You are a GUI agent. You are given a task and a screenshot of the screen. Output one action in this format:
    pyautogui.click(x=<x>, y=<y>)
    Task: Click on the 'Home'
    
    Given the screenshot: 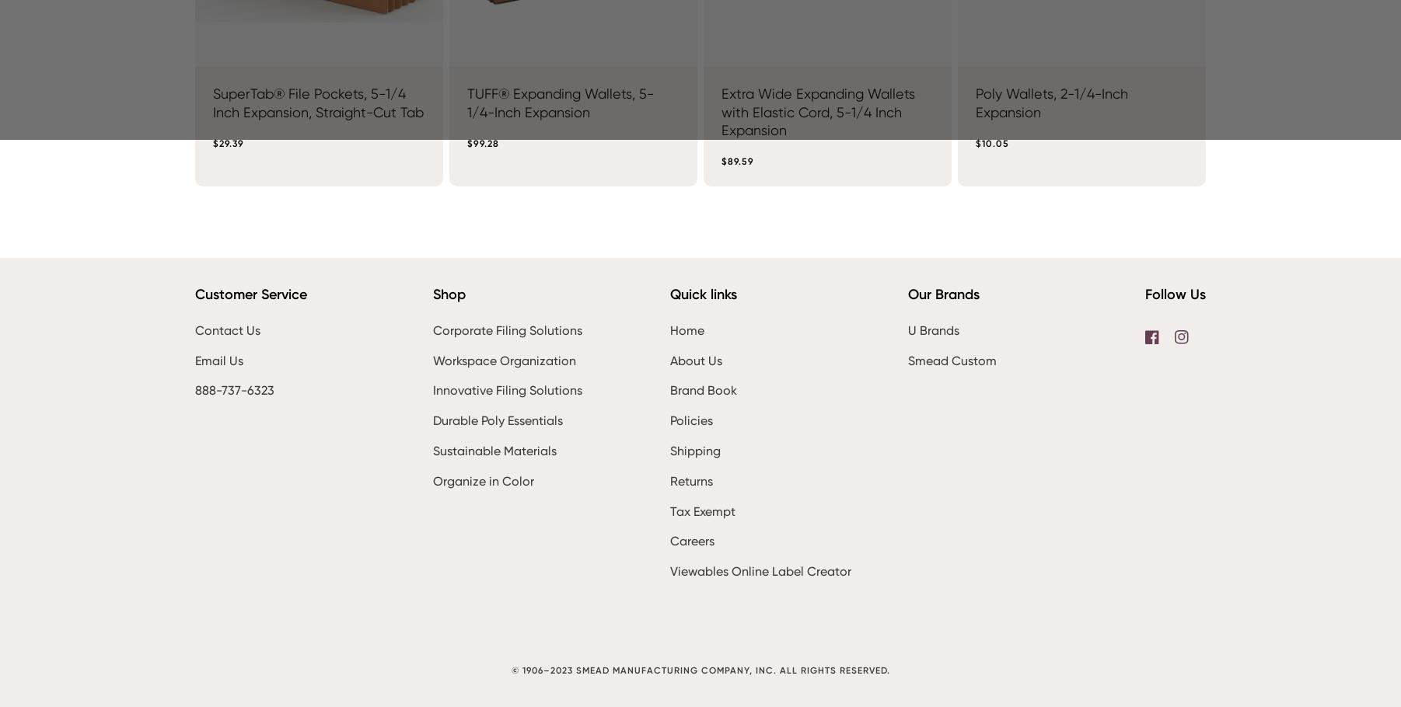 What is the action you would take?
    pyautogui.click(x=687, y=329)
    